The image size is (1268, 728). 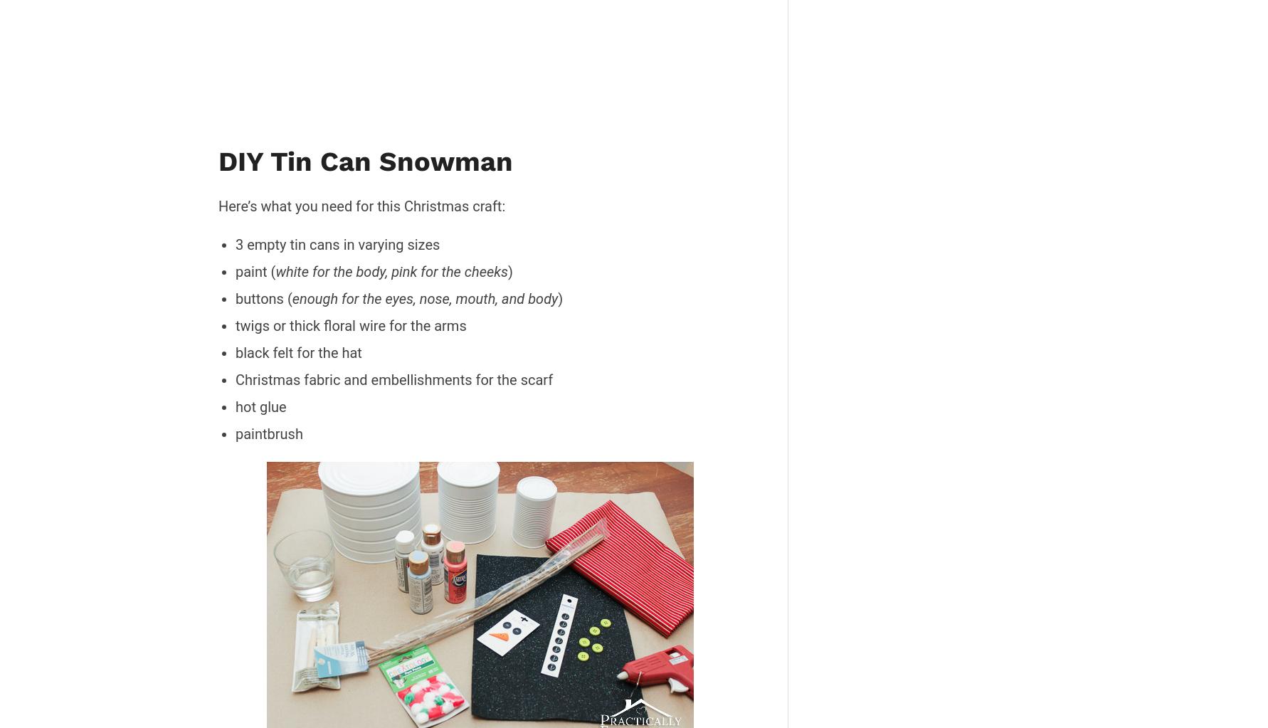 I want to click on 'Christmas fabric and embellishments for the scarf', so click(x=234, y=378).